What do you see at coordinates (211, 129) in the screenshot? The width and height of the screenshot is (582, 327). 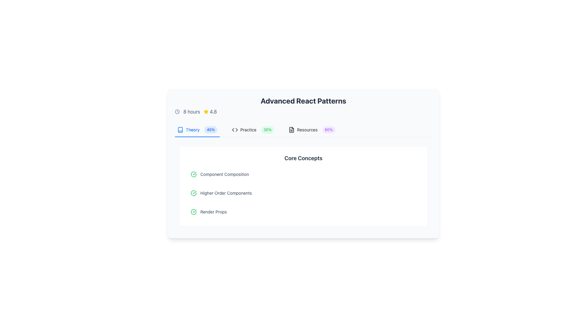 I see `the pill-shaped label displaying '45%' with a light blue background, located to the right of the 'Theory' text` at bounding box center [211, 129].